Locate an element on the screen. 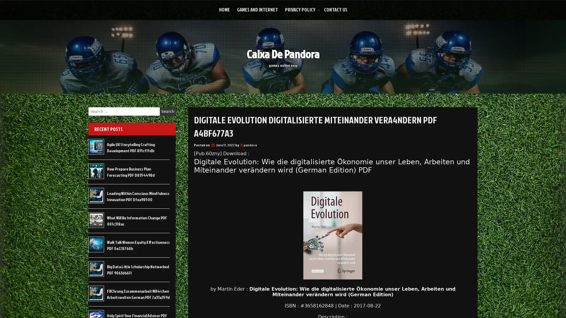 The height and width of the screenshot is (318, 566). Search is located at coordinates (167, 111).